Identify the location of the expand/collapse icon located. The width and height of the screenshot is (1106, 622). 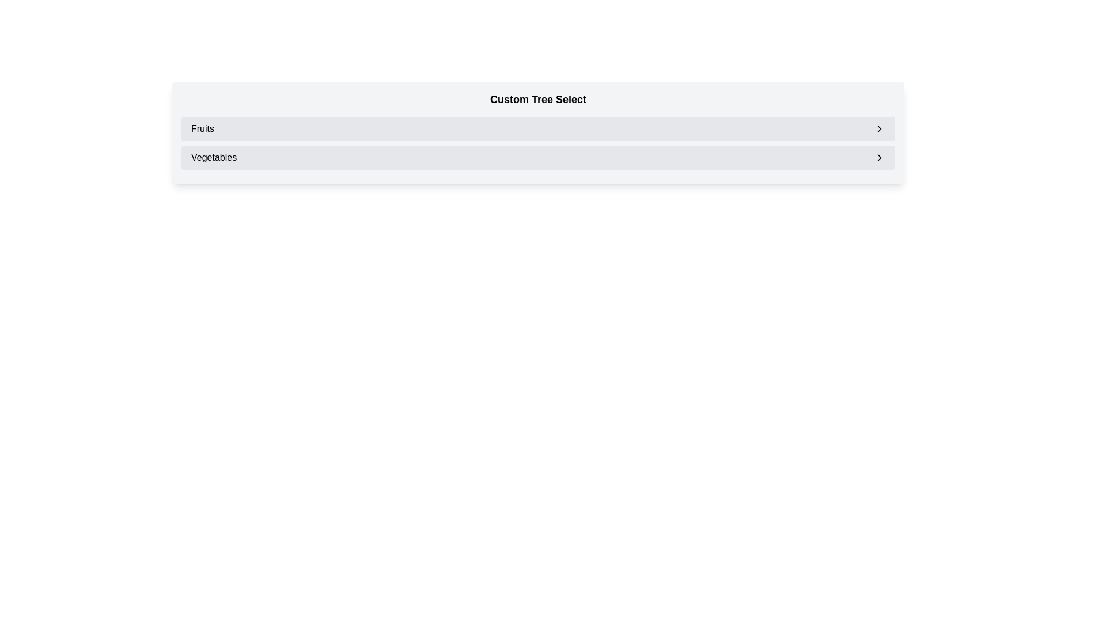
(878, 128).